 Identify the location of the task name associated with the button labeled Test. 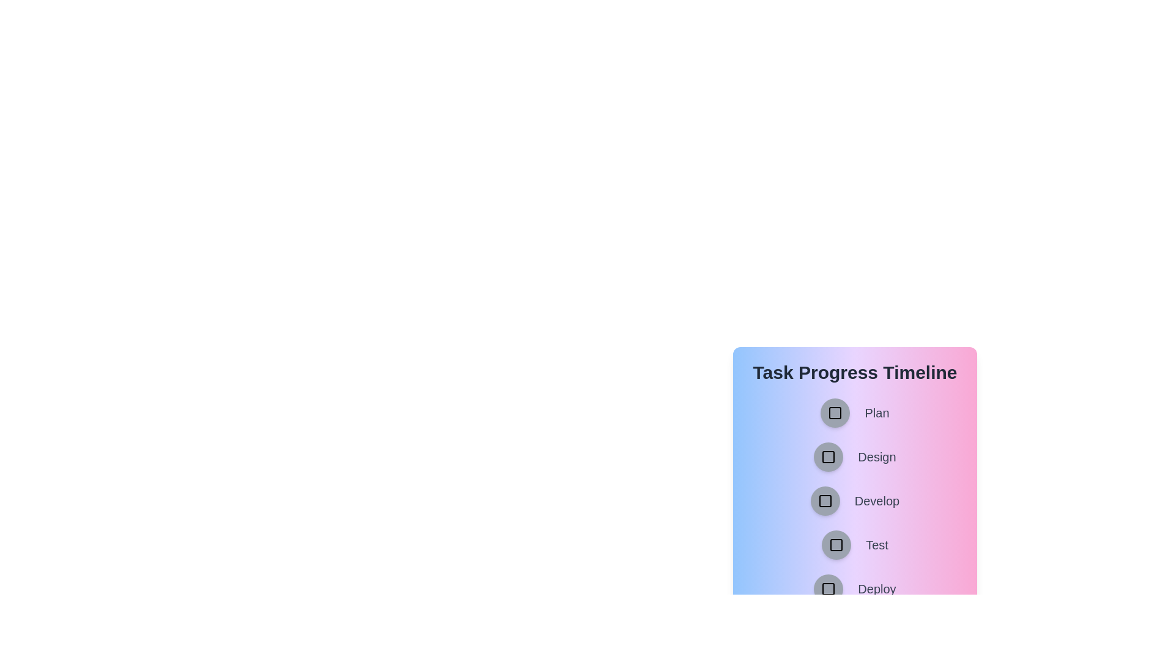
(876, 544).